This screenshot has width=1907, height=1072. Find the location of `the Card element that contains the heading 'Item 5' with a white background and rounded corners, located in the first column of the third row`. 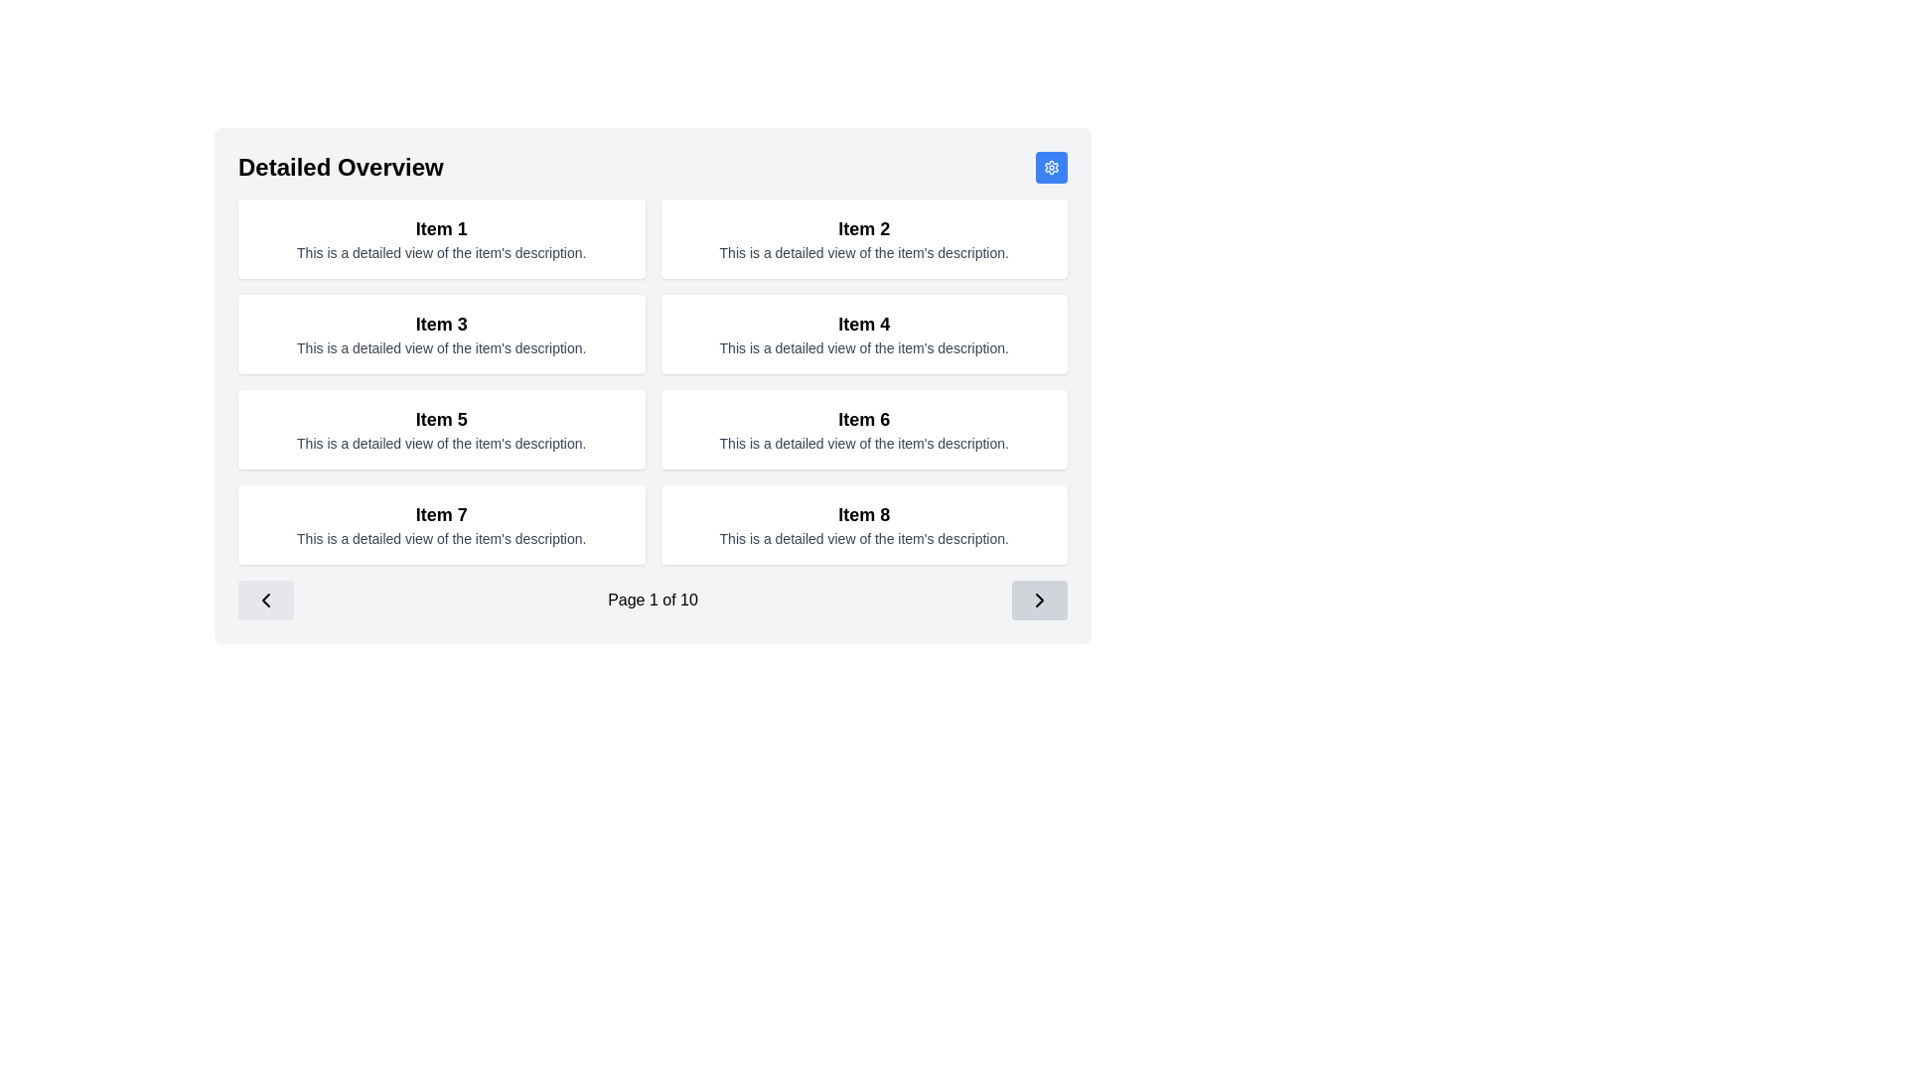

the Card element that contains the heading 'Item 5' with a white background and rounded corners, located in the first column of the third row is located at coordinates (440, 428).